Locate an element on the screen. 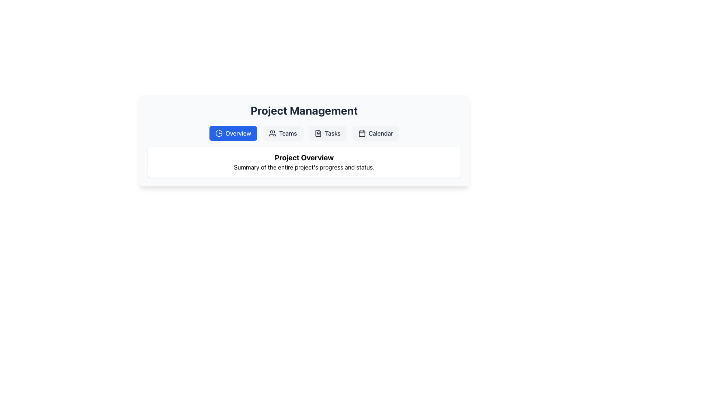 This screenshot has height=398, width=708. text content of the title indicating 'Project Overview', which is centrally aligned above the summary text is located at coordinates (304, 157).